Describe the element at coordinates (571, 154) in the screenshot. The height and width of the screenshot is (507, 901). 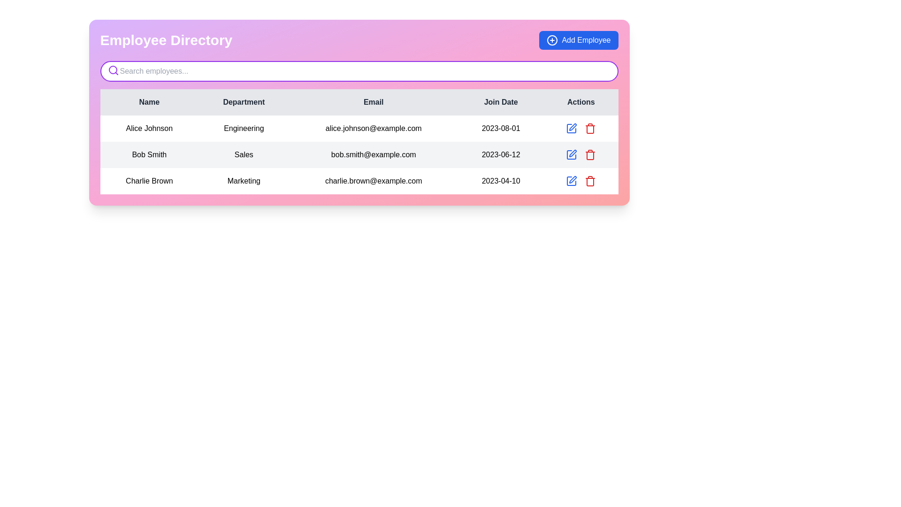
I see `the edit icon button in the 'Actions' column for 'Bob Smith'` at that location.